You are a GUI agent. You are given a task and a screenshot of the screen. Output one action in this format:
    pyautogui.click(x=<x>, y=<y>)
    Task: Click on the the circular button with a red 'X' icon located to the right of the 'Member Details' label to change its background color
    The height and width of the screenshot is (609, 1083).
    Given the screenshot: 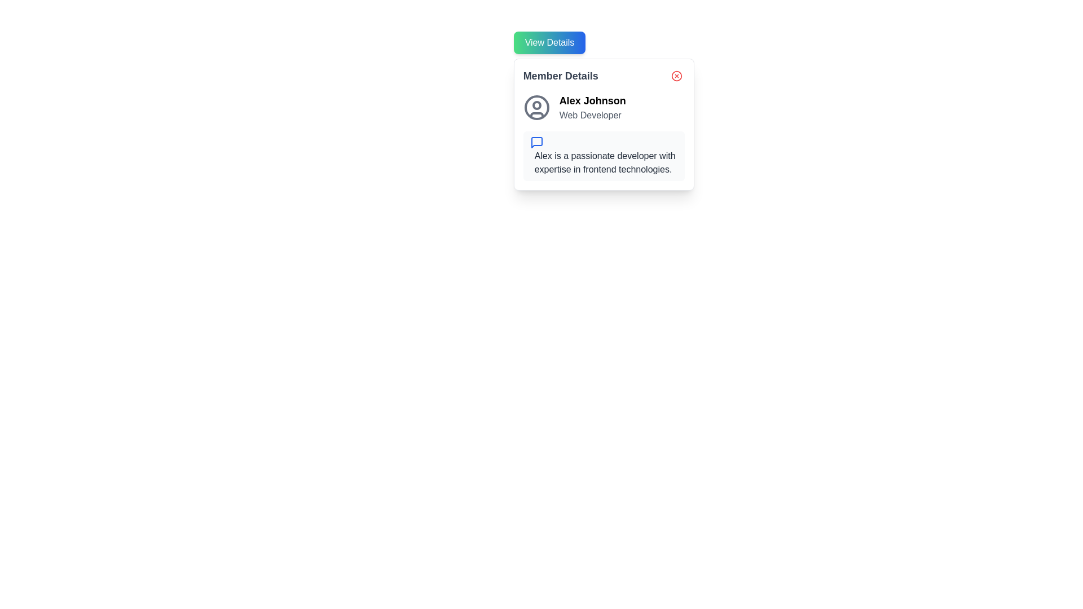 What is the action you would take?
    pyautogui.click(x=676, y=76)
    